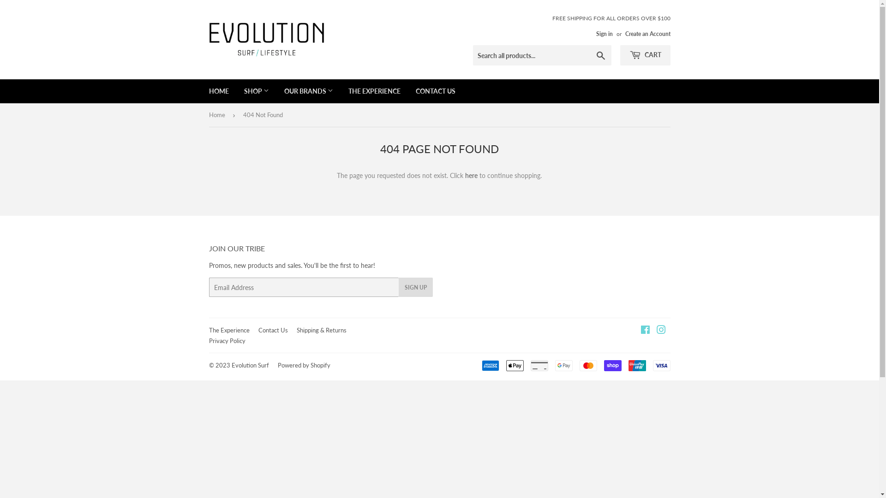 The image size is (886, 498). I want to click on 'CART', so click(645, 55).